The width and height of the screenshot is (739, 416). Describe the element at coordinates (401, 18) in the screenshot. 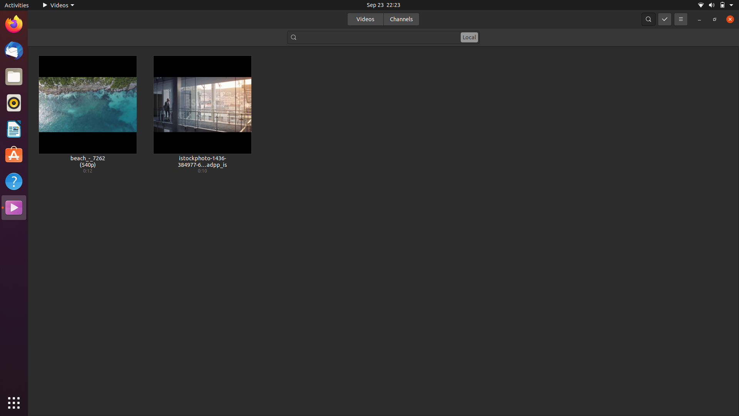

I see `the Channels tab` at that location.